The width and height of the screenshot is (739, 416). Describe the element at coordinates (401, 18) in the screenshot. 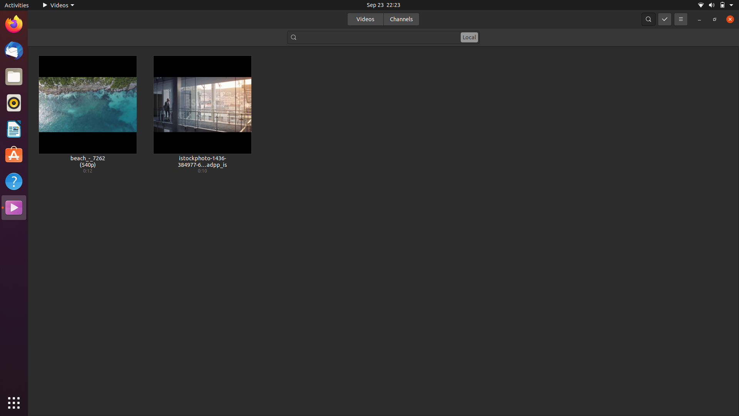

I see `the Channels tab` at that location.